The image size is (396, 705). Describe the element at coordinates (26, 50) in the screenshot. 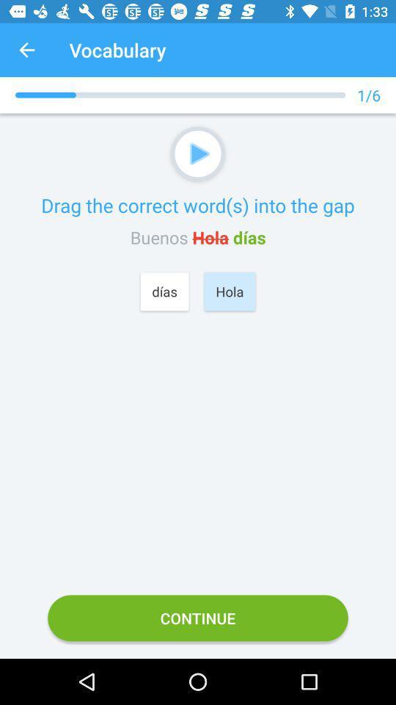

I see `item to the left of vocabulary app` at that location.